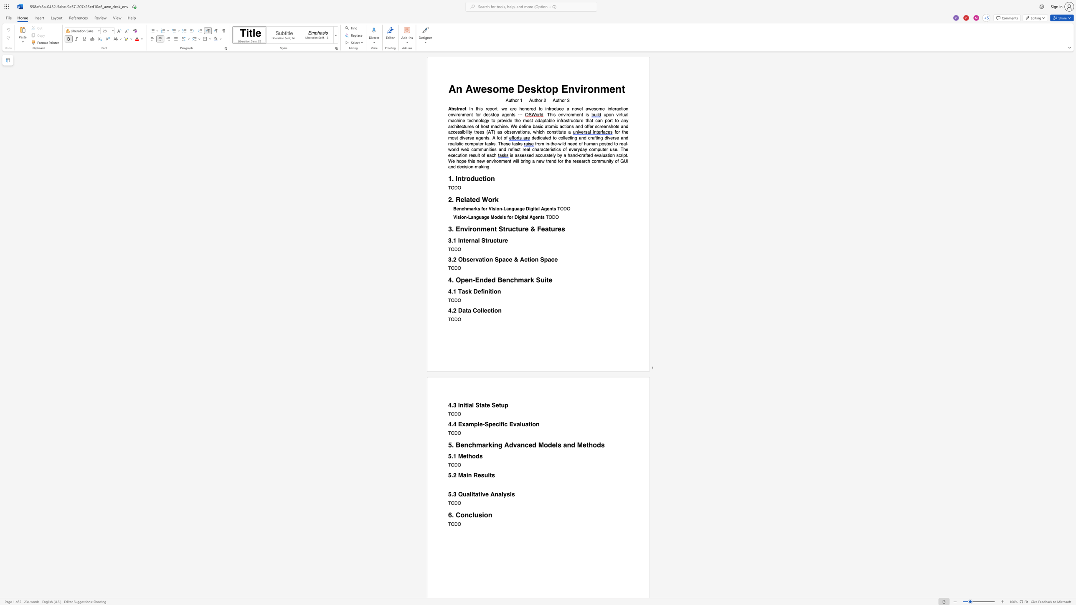 Image resolution: width=1076 pixels, height=605 pixels. Describe the element at coordinates (514, 217) in the screenshot. I see `the subset text "Di" within the text "Vision-Language Models for Digital Agents"` at that location.